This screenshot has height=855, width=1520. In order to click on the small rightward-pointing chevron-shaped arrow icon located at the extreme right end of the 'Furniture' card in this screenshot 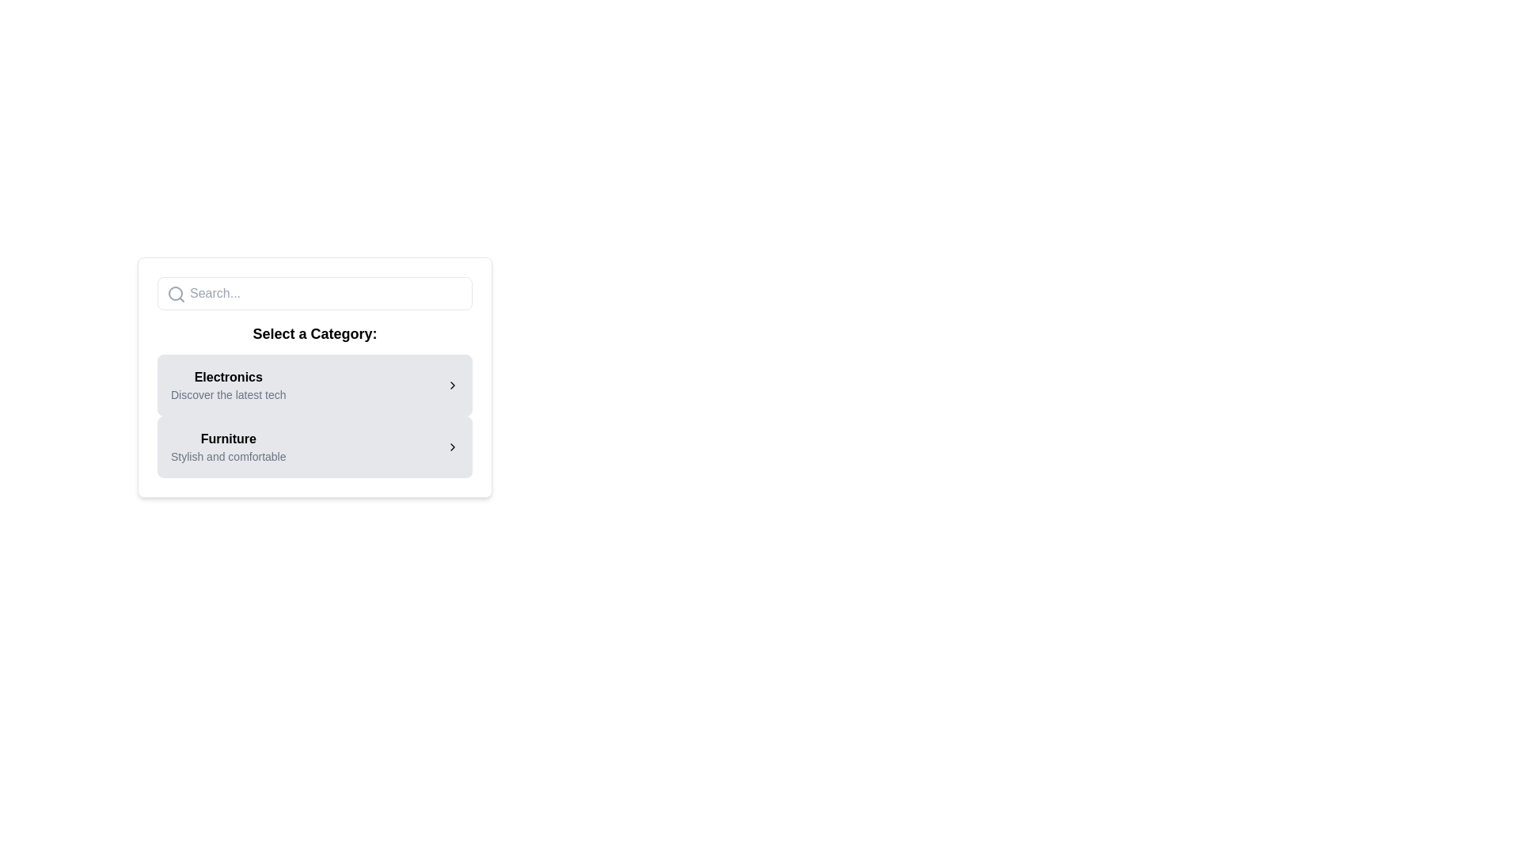, I will do `click(451, 446)`.